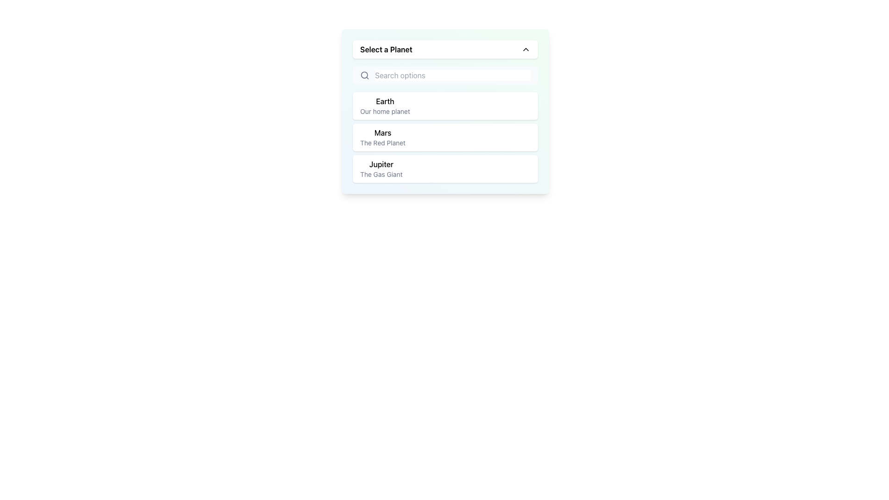 This screenshot has width=889, height=500. I want to click on the circular graphical element representing the magnifying glass' lens within the SVG icon located at the left side of the search input field in the dropdown interface, so click(364, 75).